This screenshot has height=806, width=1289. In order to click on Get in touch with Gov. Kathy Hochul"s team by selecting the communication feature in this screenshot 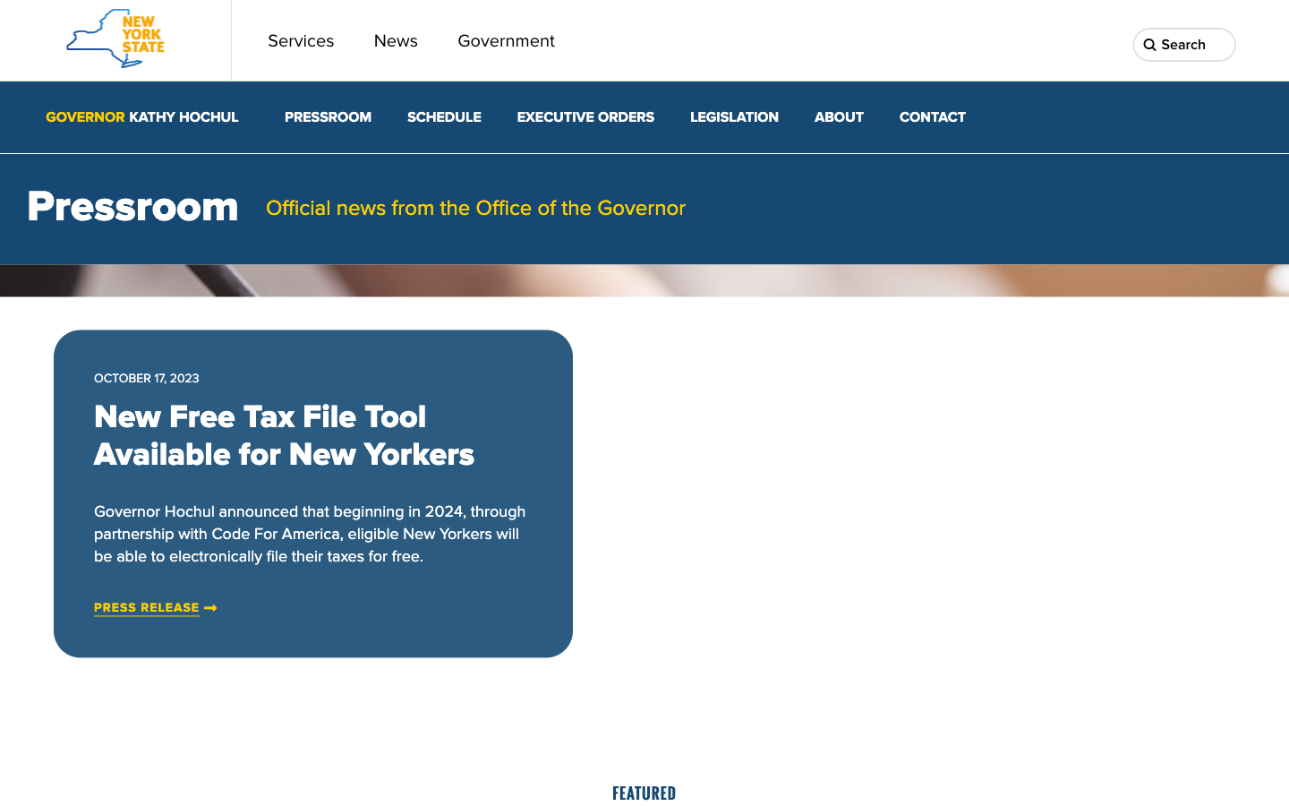, I will do `click(932, 117)`.